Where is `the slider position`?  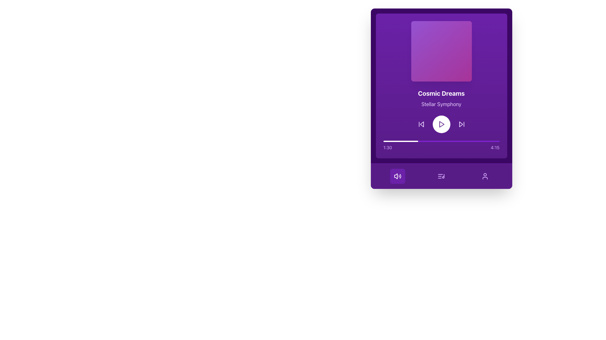
the slider position is located at coordinates (412, 141).